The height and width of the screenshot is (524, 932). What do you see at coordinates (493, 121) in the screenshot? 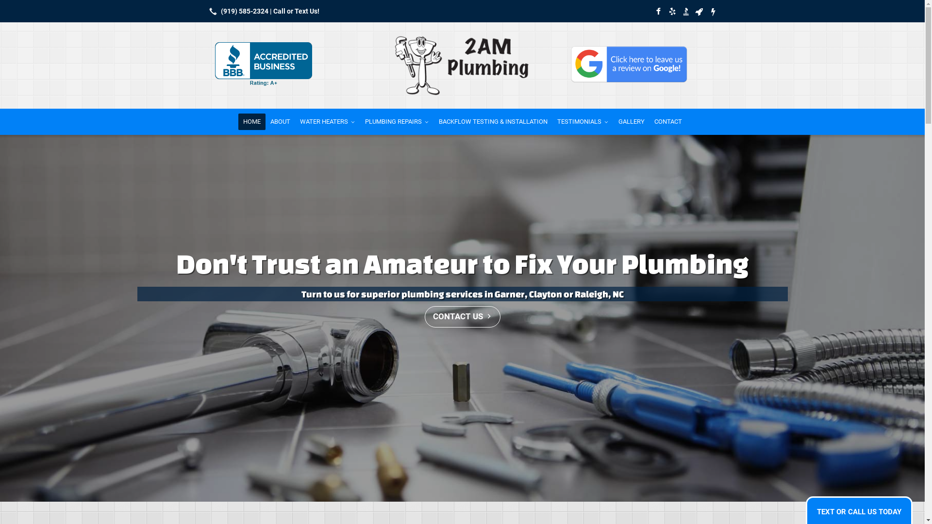
I see `'BACKFLOW TESTING & INSTALLATION'` at bounding box center [493, 121].